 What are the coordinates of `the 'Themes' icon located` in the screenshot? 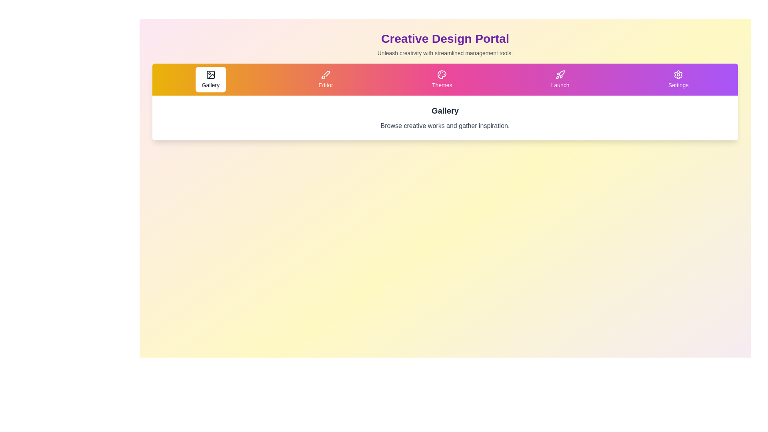 It's located at (442, 74).